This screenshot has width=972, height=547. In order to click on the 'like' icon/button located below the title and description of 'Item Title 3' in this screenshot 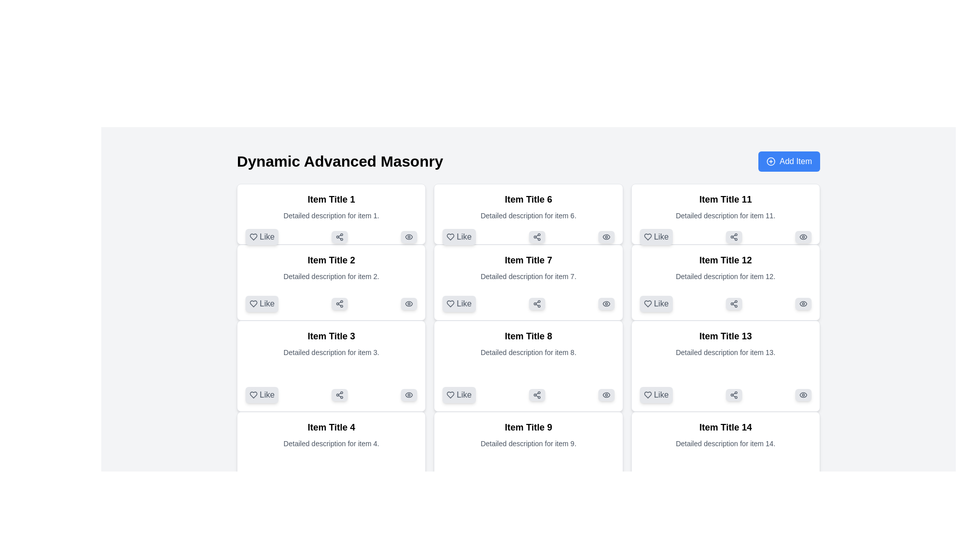, I will do `click(253, 394)`.